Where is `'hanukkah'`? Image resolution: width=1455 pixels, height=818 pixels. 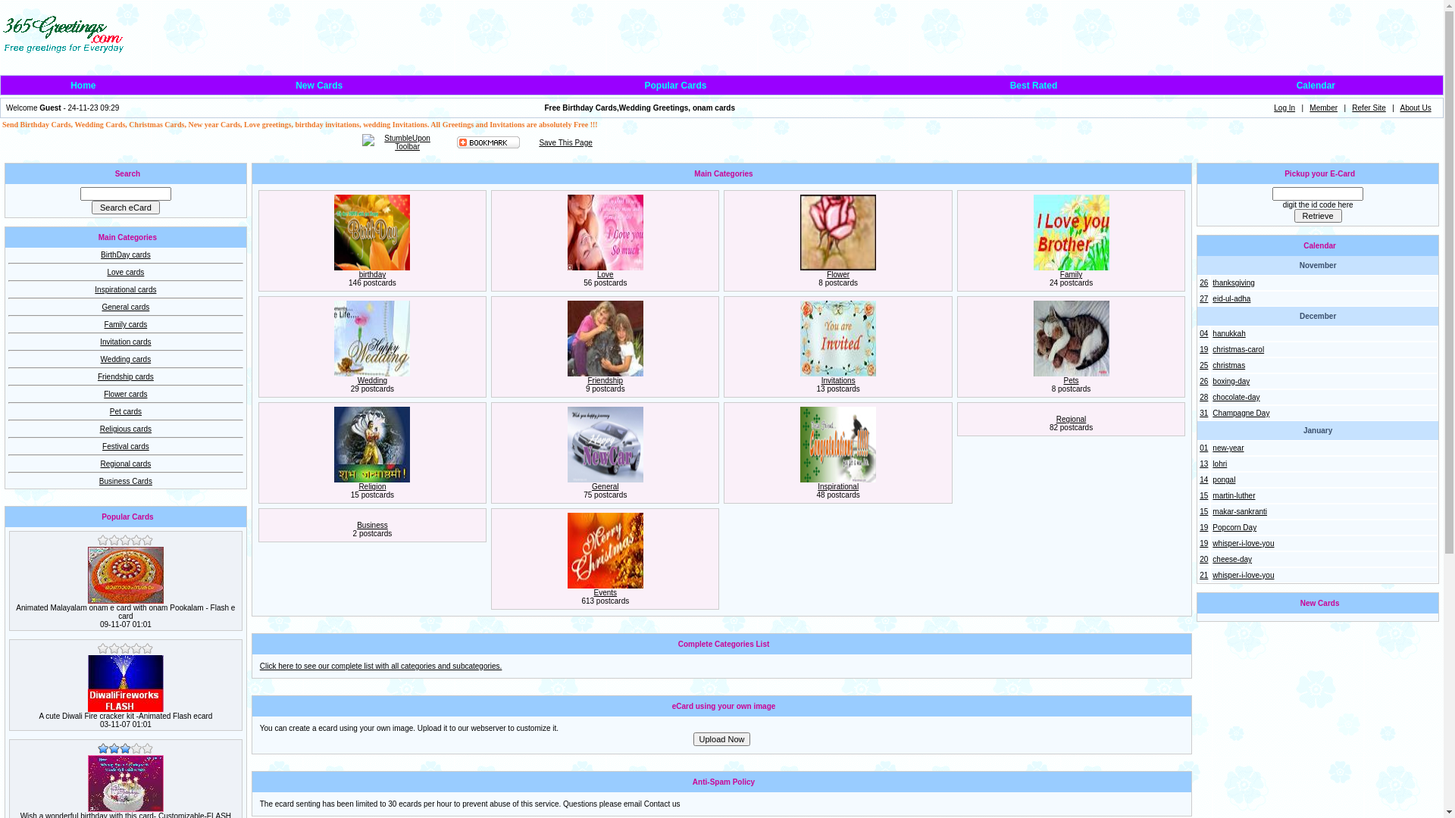 'hanukkah' is located at coordinates (1228, 333).